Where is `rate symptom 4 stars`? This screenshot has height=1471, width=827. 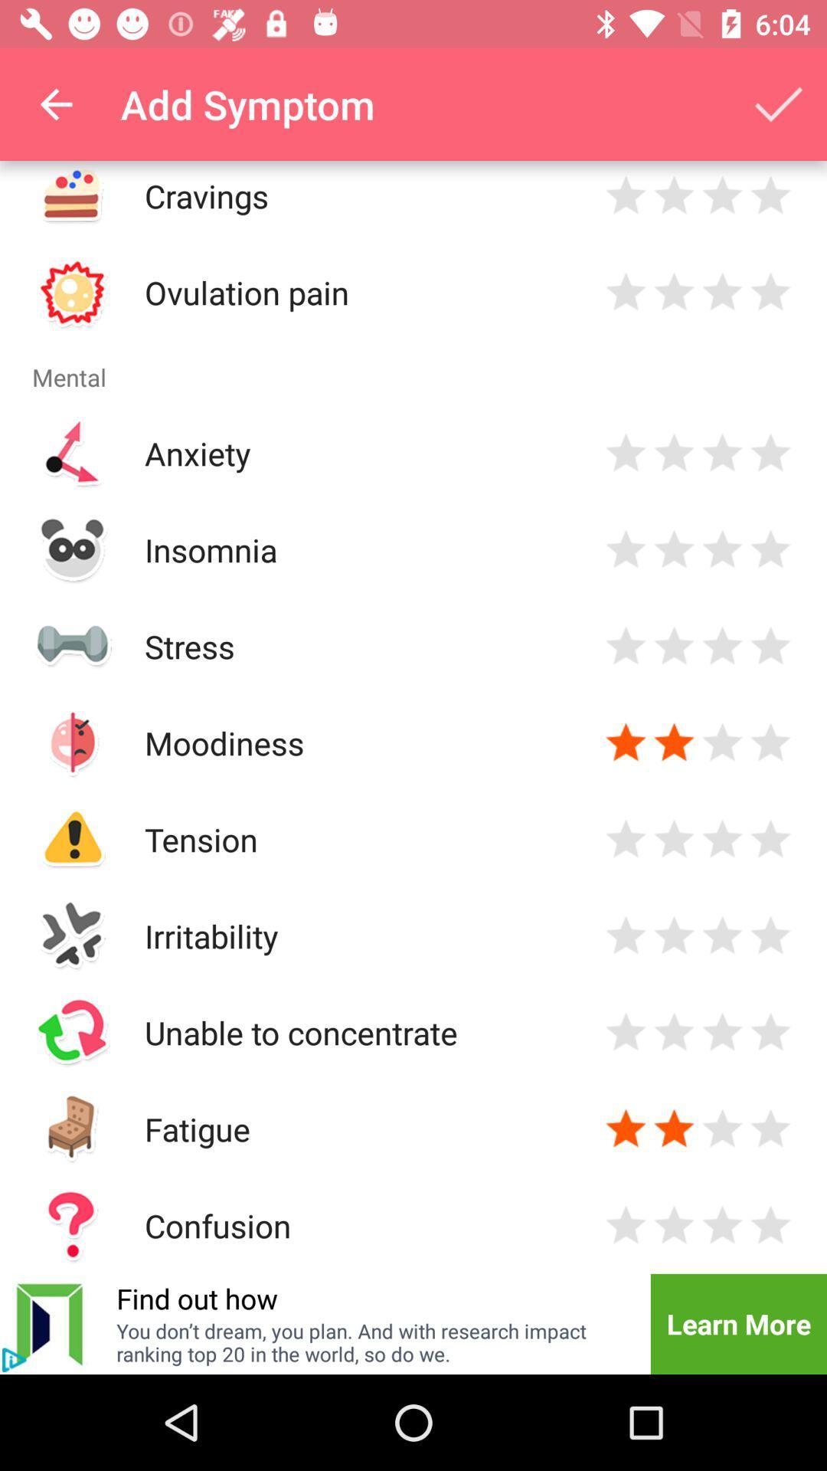
rate symptom 4 stars is located at coordinates (770, 838).